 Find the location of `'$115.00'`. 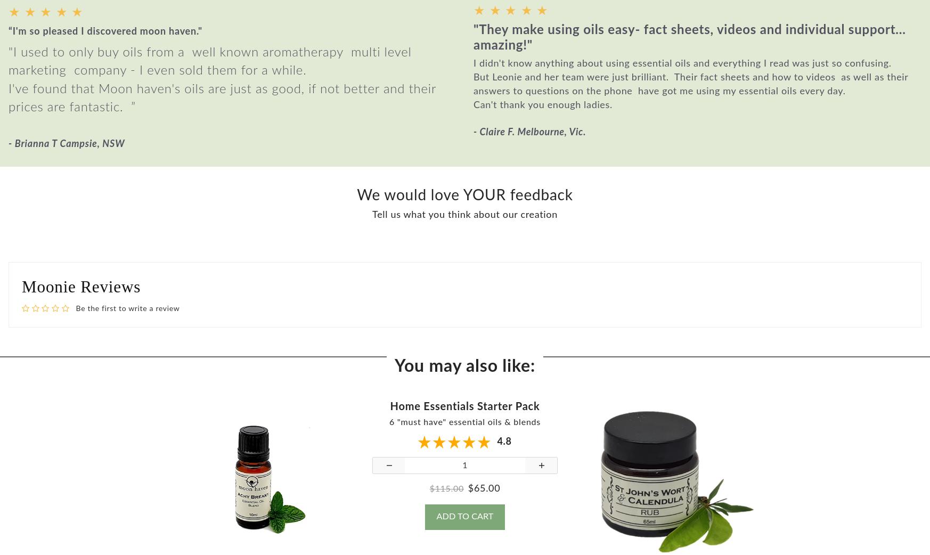

'$115.00' is located at coordinates (446, 496).